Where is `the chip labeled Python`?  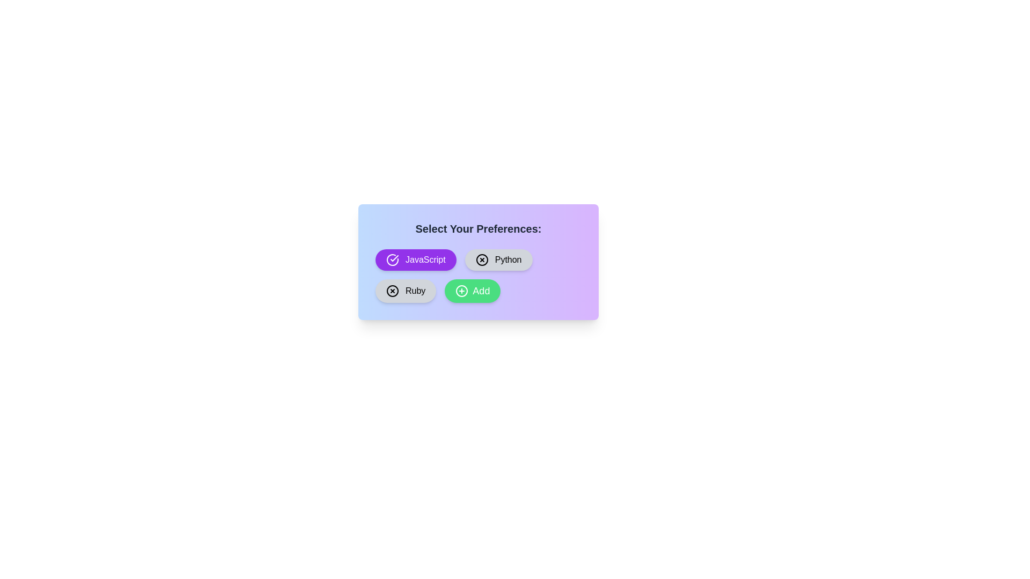
the chip labeled Python is located at coordinates (498, 260).